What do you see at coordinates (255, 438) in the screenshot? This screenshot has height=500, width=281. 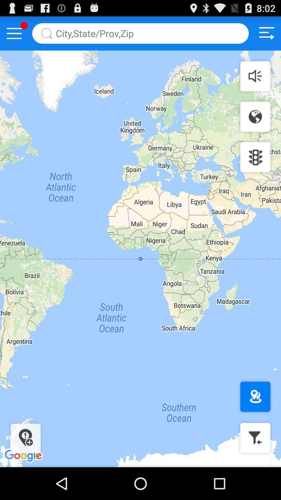 I see `find fuel` at bounding box center [255, 438].